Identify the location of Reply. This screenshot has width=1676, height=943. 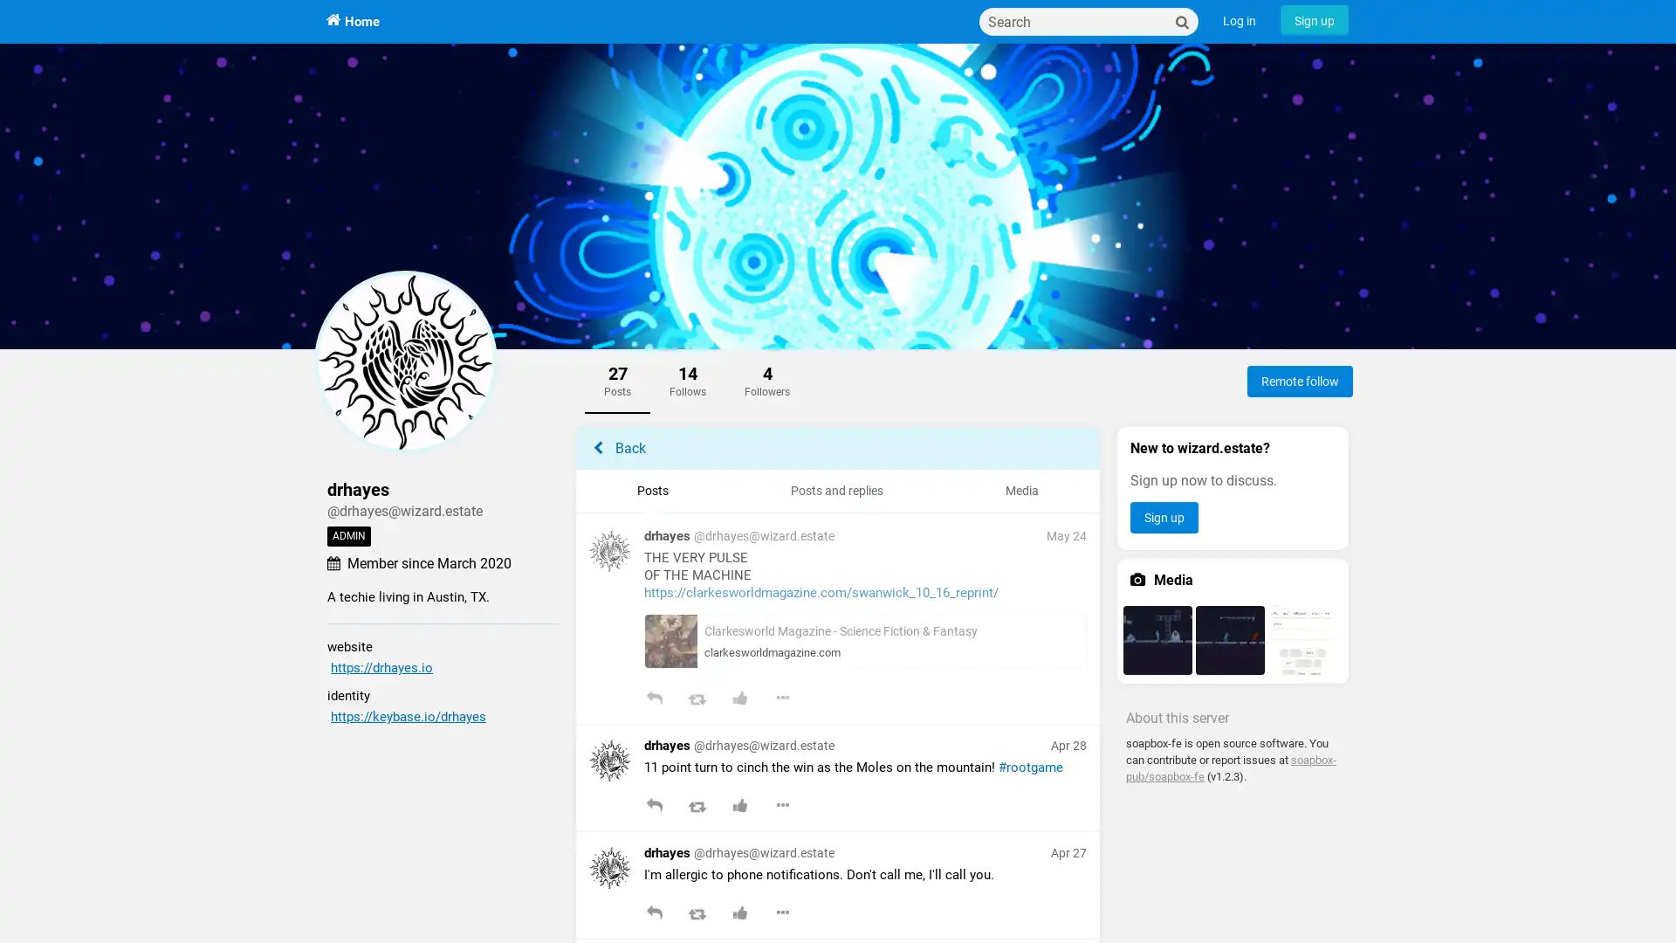
(653, 808).